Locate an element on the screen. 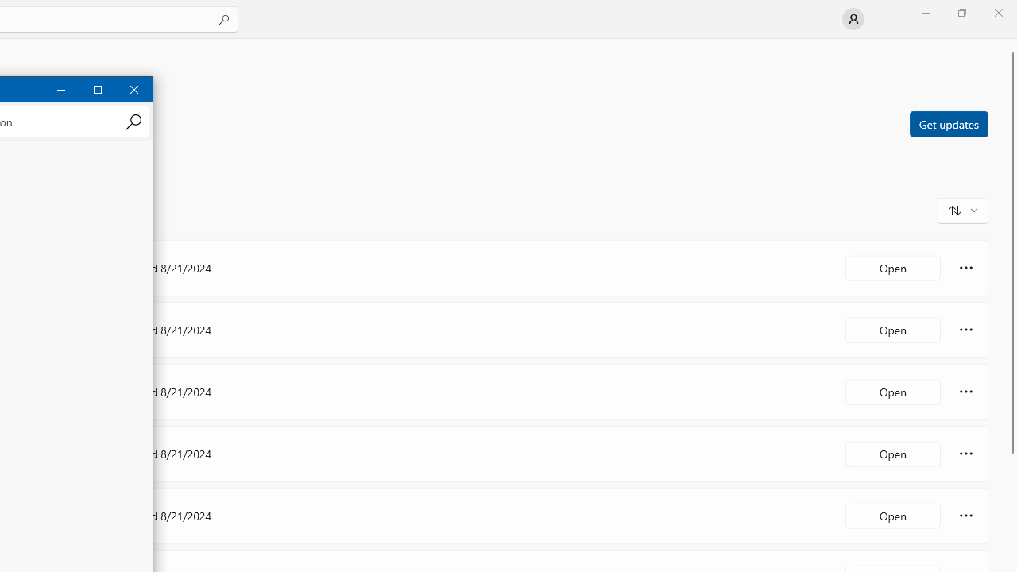  'Close Microsoft Store' is located at coordinates (997, 12).